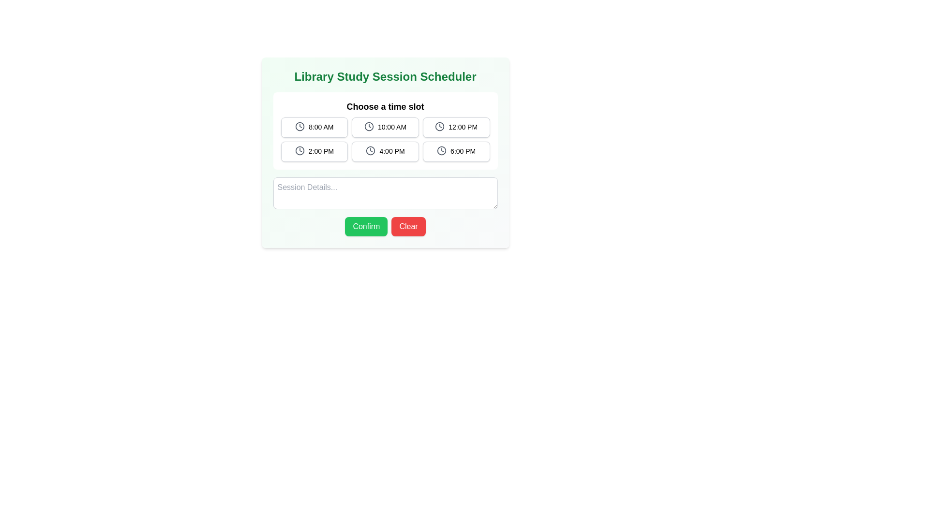 Image resolution: width=929 pixels, height=522 pixels. Describe the element at coordinates (385, 151) in the screenshot. I see `the button labeled '4:00 PM' located in the middle of the bottom row of a 3x2 grid in the 'Choose a time slot' section to observe any hover effect` at that location.